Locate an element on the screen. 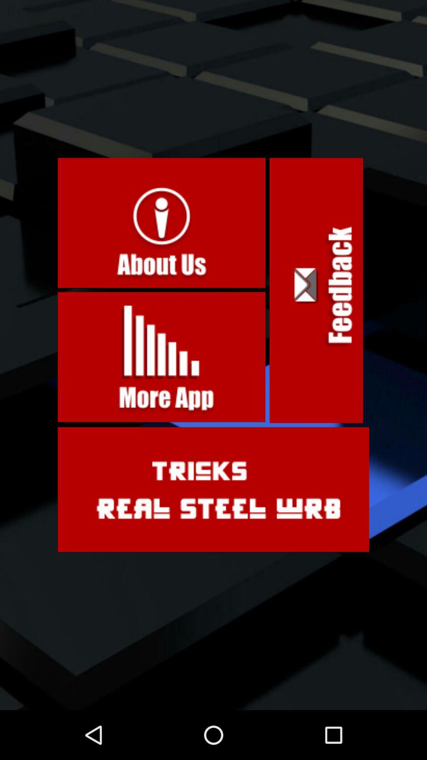 The width and height of the screenshot is (427, 760). the icon on the right is located at coordinates (316, 290).